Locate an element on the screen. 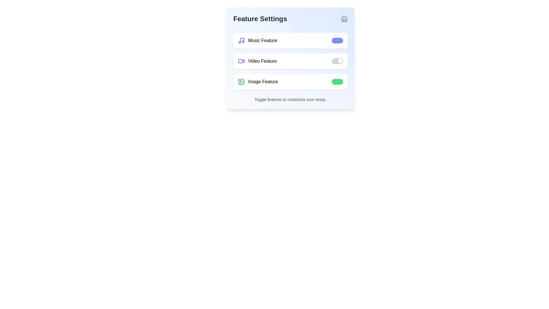  Background rectangle of the SVG icon representing the 'Image Feature' setting, located in the third row of the settings menu, for its dimensions or styling is located at coordinates (241, 82).